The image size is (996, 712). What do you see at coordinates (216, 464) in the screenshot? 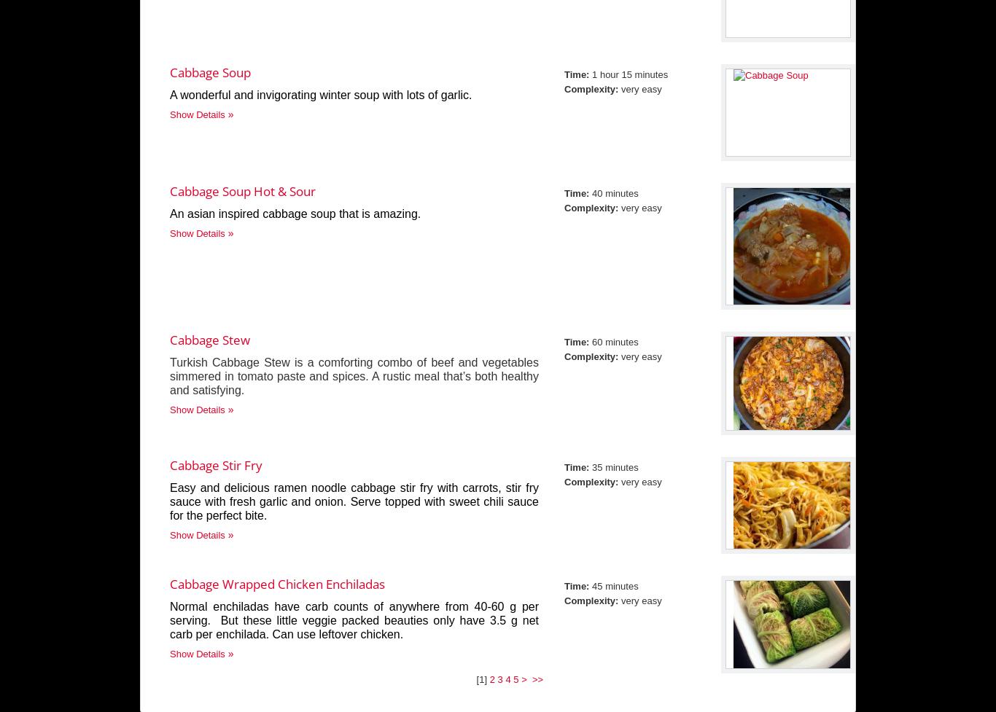
I see `'Cabbage Stir Fry'` at bounding box center [216, 464].